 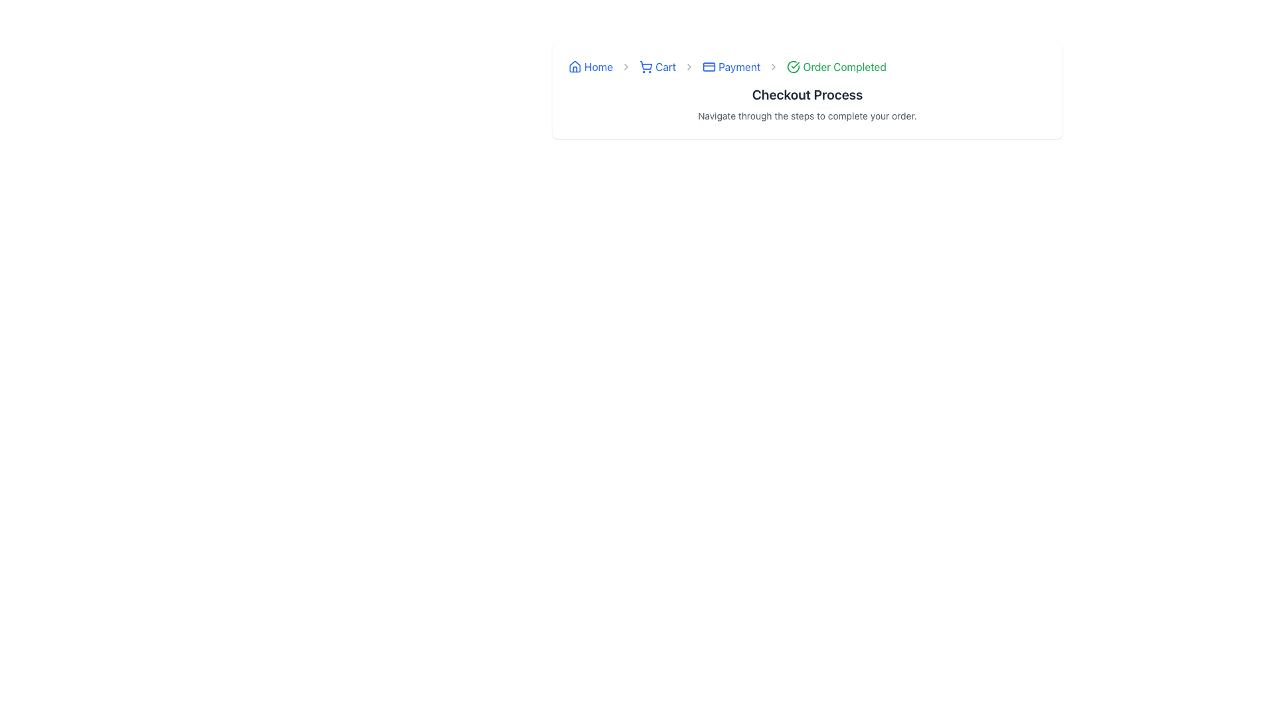 What do you see at coordinates (774, 66) in the screenshot?
I see `the right-pointing chevron icon in the breadcrumb navigation, which separates the 'Payment' and 'Order Completed' labels` at bounding box center [774, 66].